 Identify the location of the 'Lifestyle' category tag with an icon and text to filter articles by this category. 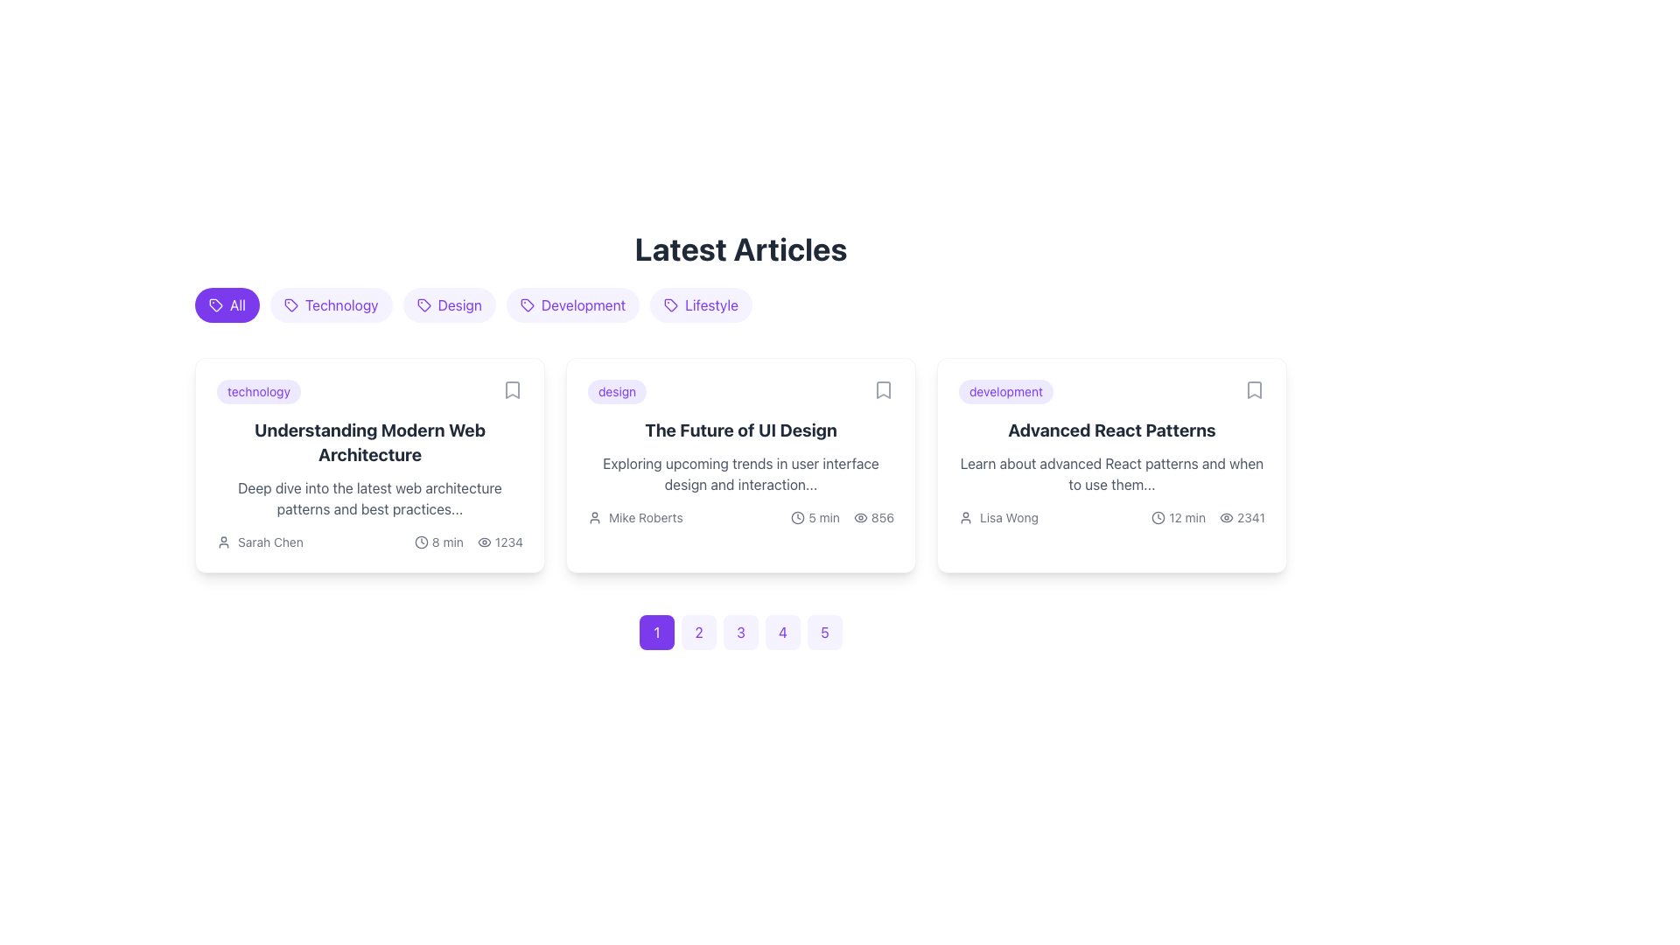
(701, 304).